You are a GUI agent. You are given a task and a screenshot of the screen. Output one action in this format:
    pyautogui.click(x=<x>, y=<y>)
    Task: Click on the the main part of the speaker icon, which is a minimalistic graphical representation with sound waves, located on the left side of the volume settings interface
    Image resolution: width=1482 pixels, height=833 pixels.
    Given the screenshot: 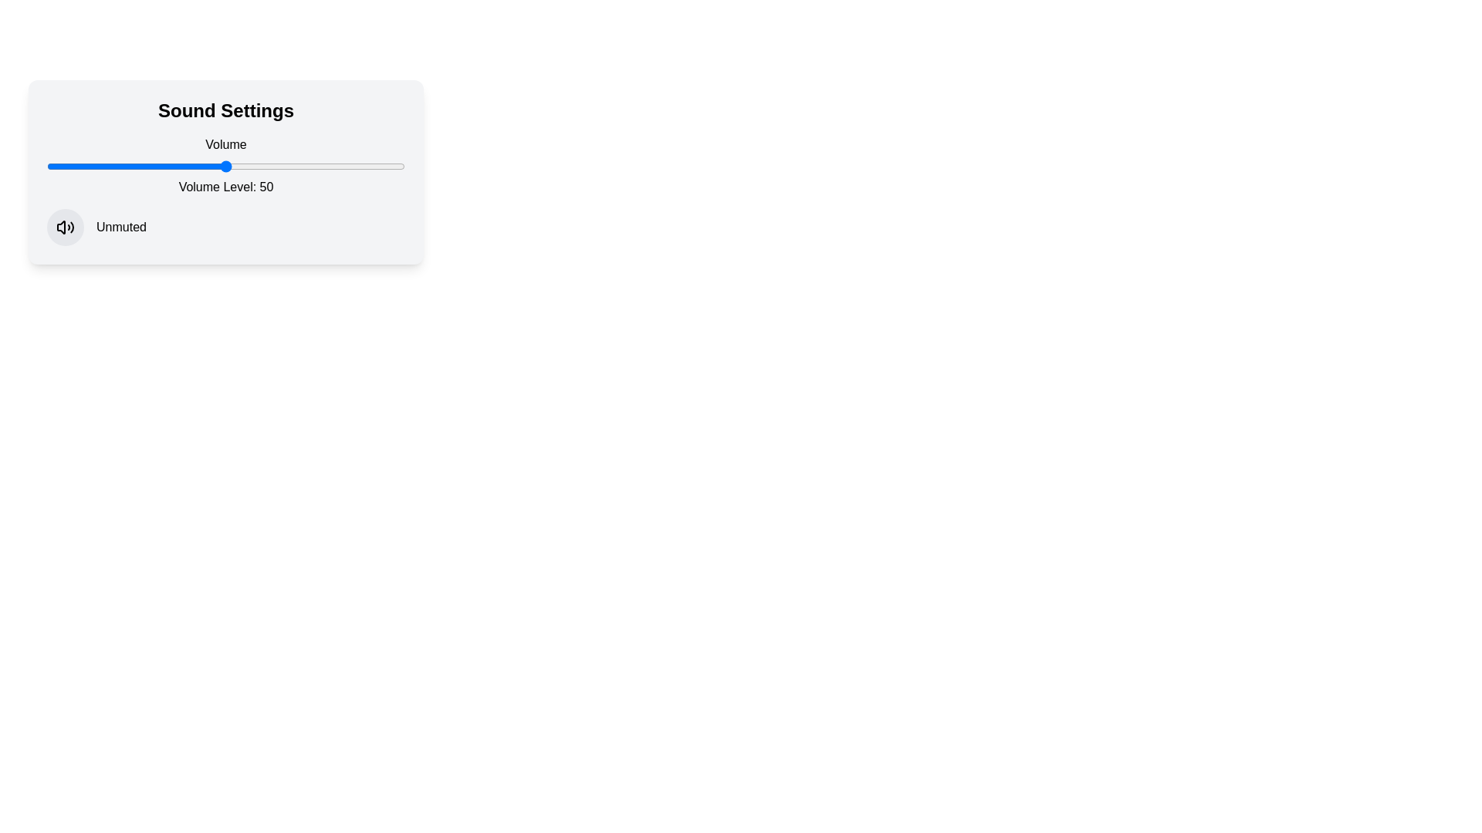 What is the action you would take?
    pyautogui.click(x=61, y=227)
    